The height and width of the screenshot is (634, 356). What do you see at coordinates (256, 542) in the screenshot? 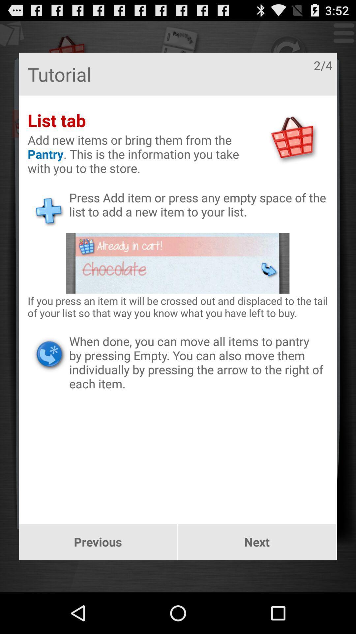
I see `the item below when done you icon` at bounding box center [256, 542].